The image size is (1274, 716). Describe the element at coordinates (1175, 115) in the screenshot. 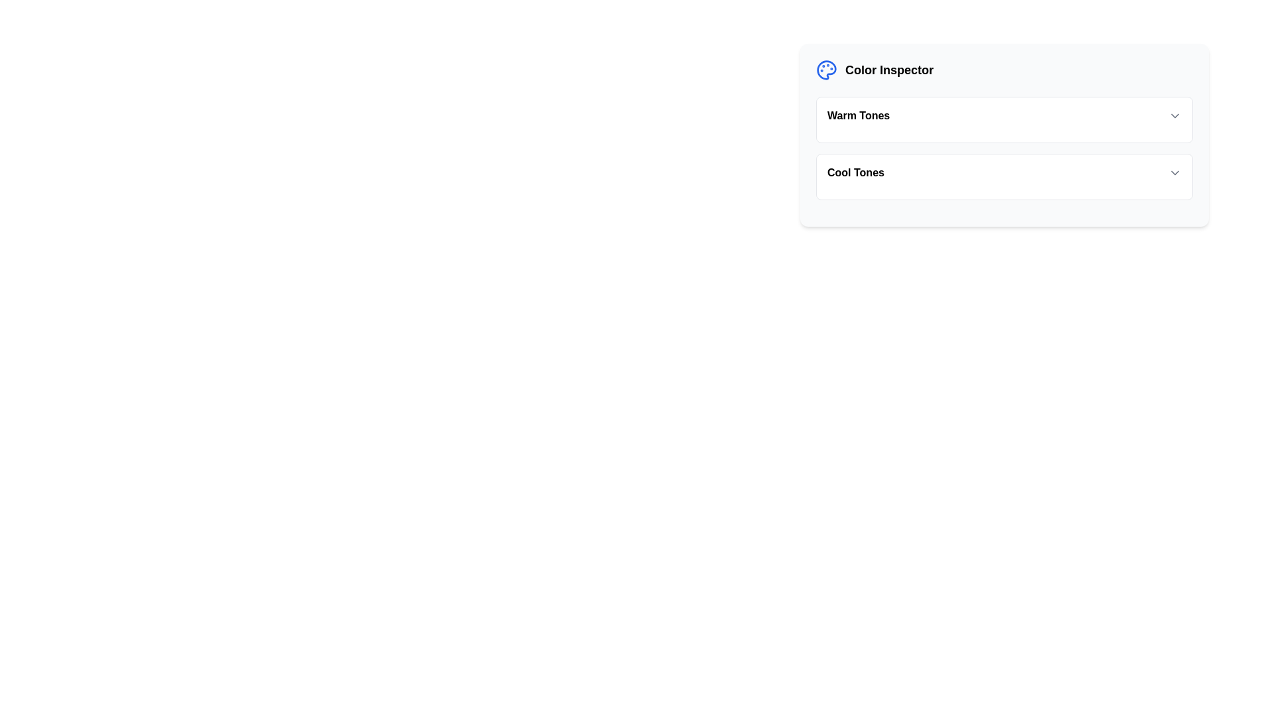

I see `the dropdown toggle arrow for the 'Warm Tones' section to provide visual feedback` at that location.